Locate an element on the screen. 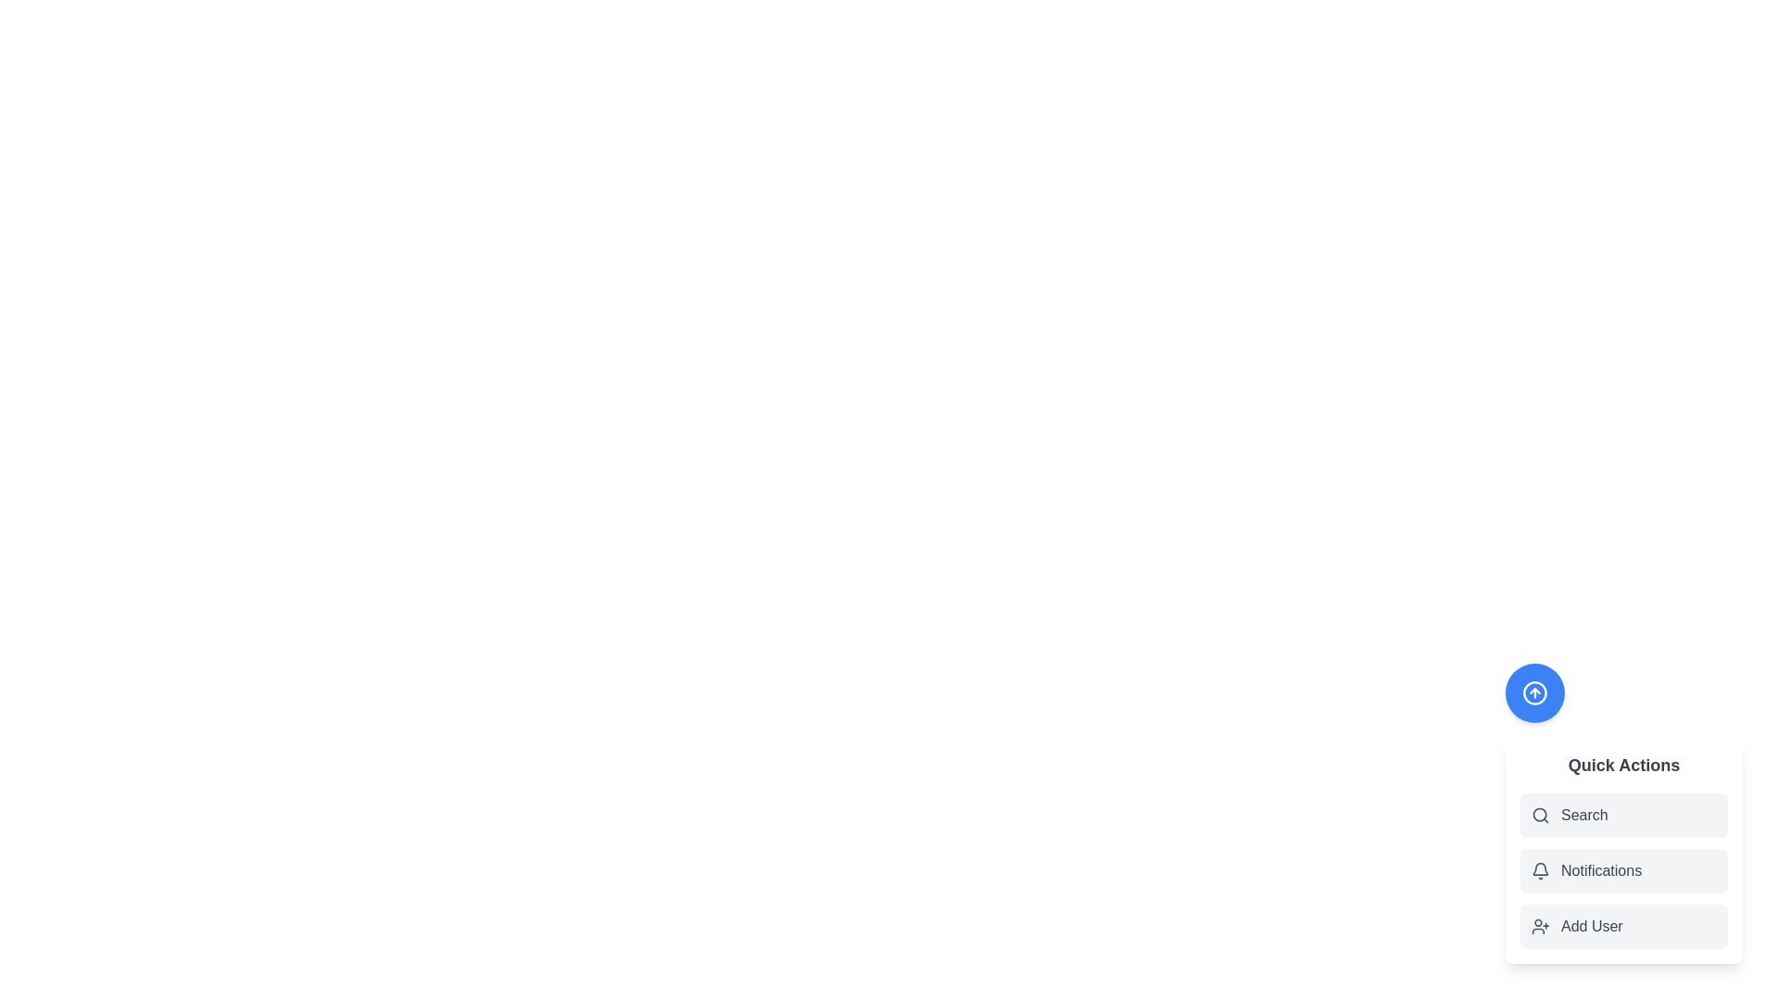 This screenshot has height=1001, width=1780. the text label that represents the search functionality, located to the right of the magnifying glass icon in the 'Quick Actions' list is located at coordinates (1583, 814).